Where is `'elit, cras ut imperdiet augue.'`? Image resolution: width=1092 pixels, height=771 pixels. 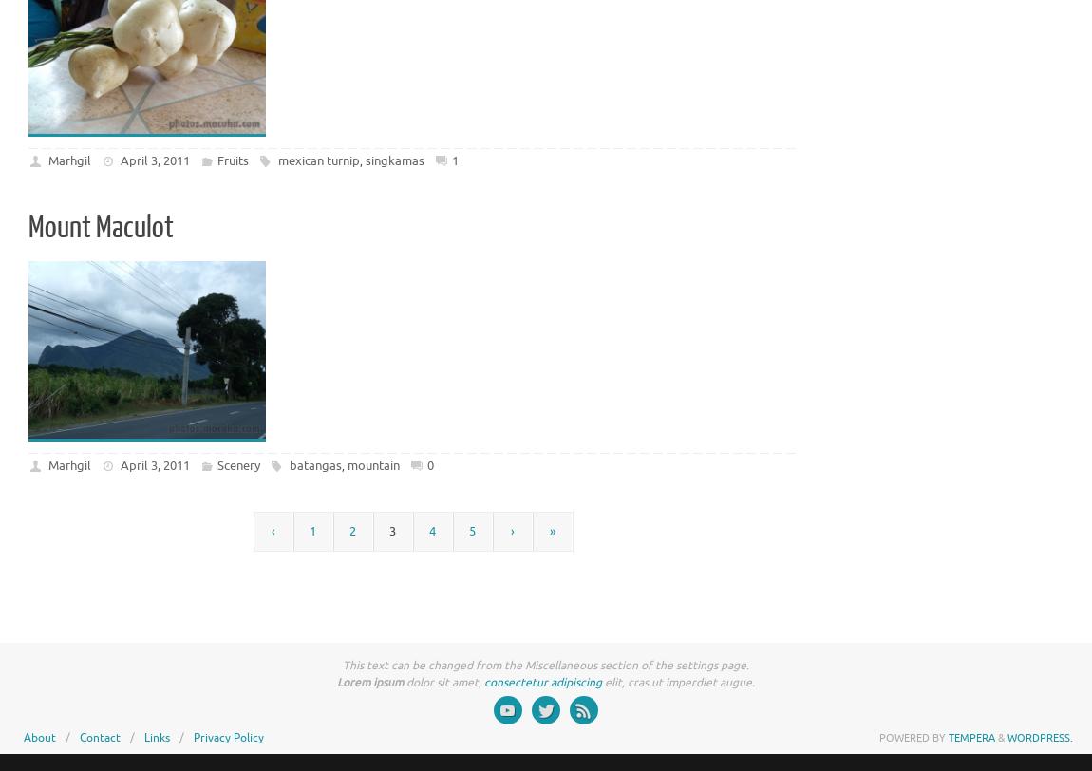
'elit, cras ut imperdiet augue.' is located at coordinates (677, 683).